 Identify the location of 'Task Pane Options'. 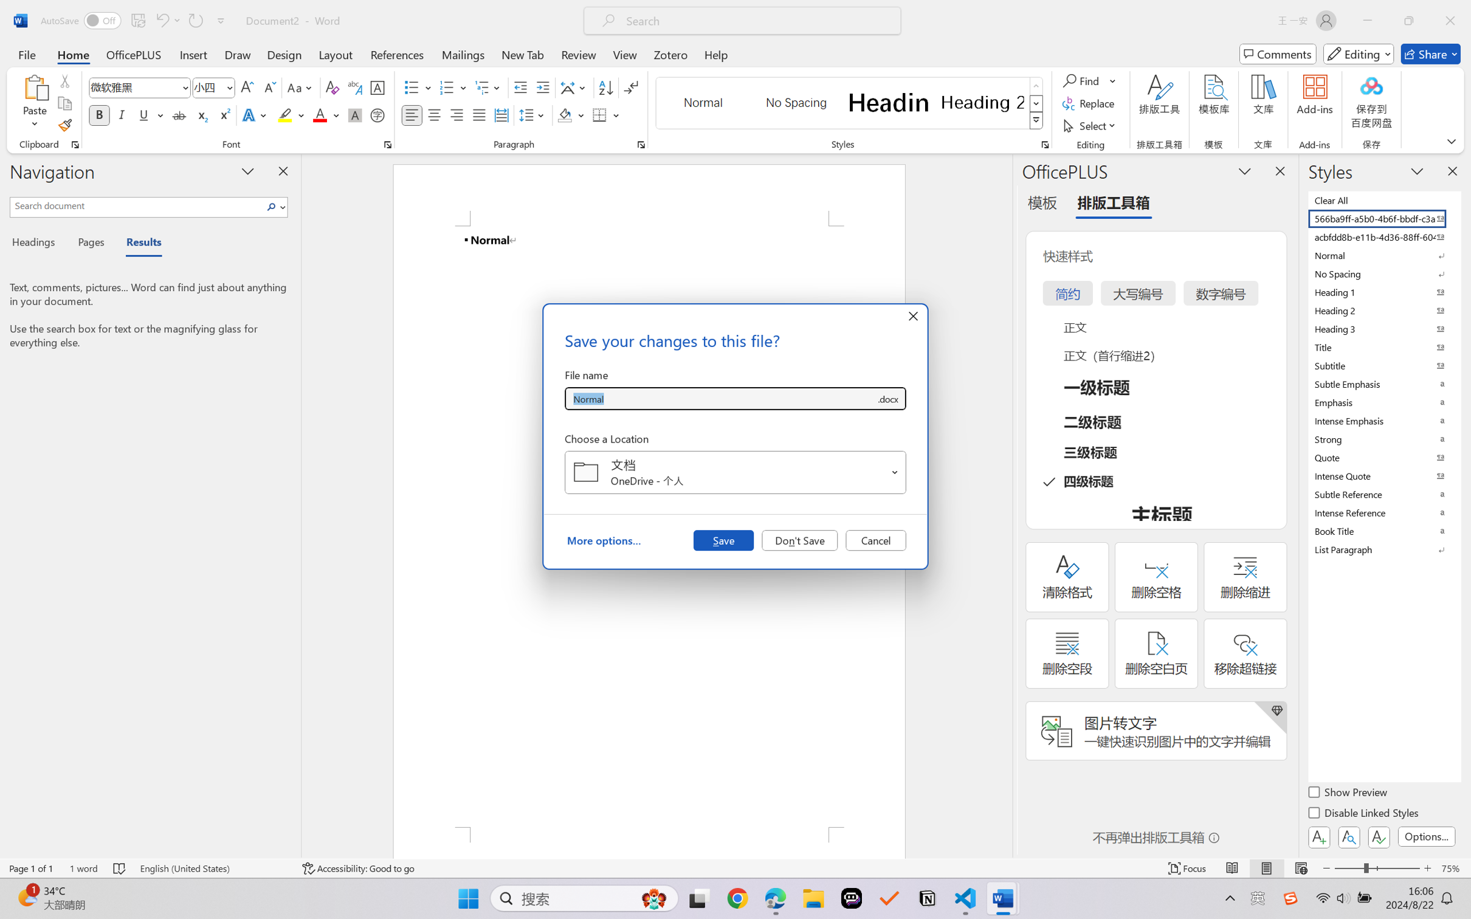
(1245, 171).